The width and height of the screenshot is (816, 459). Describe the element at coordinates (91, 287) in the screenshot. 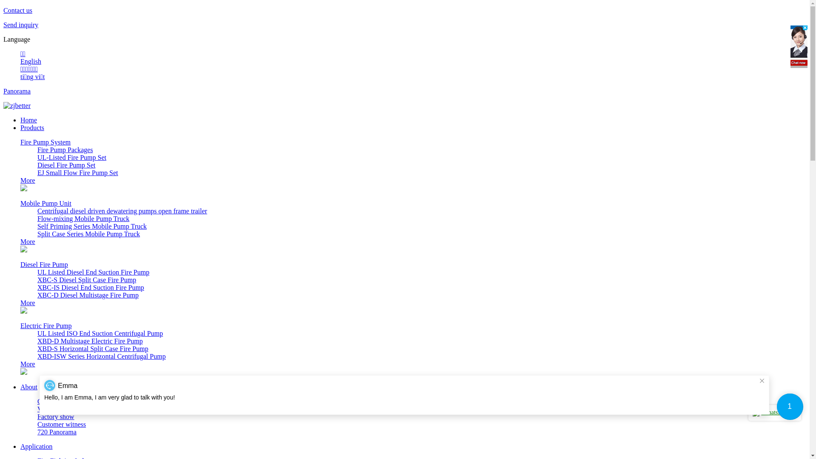

I see `'XBC-IS Diesel End Suction Fire Pump'` at that location.